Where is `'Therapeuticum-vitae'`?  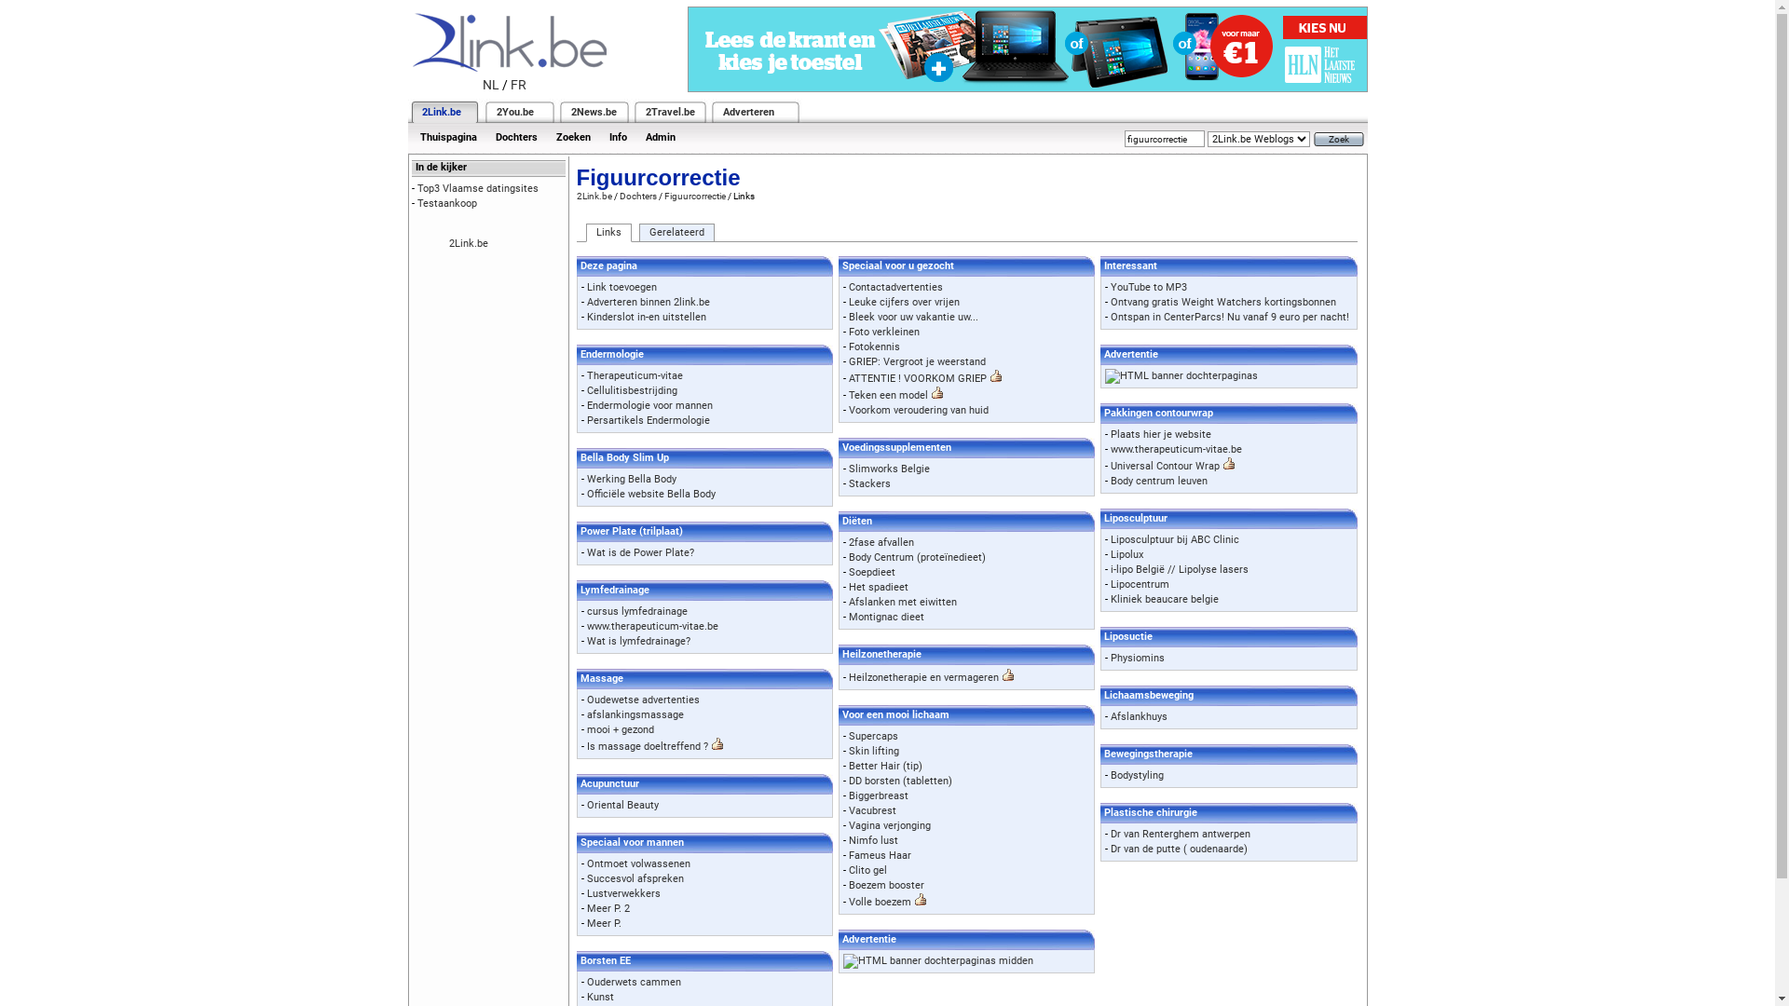
'Therapeuticum-vitae' is located at coordinates (635, 375).